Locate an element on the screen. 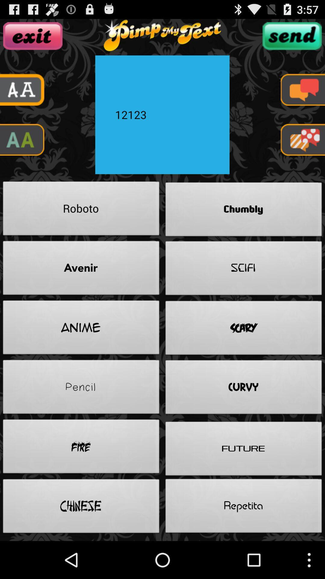  option for text is located at coordinates (303, 89).